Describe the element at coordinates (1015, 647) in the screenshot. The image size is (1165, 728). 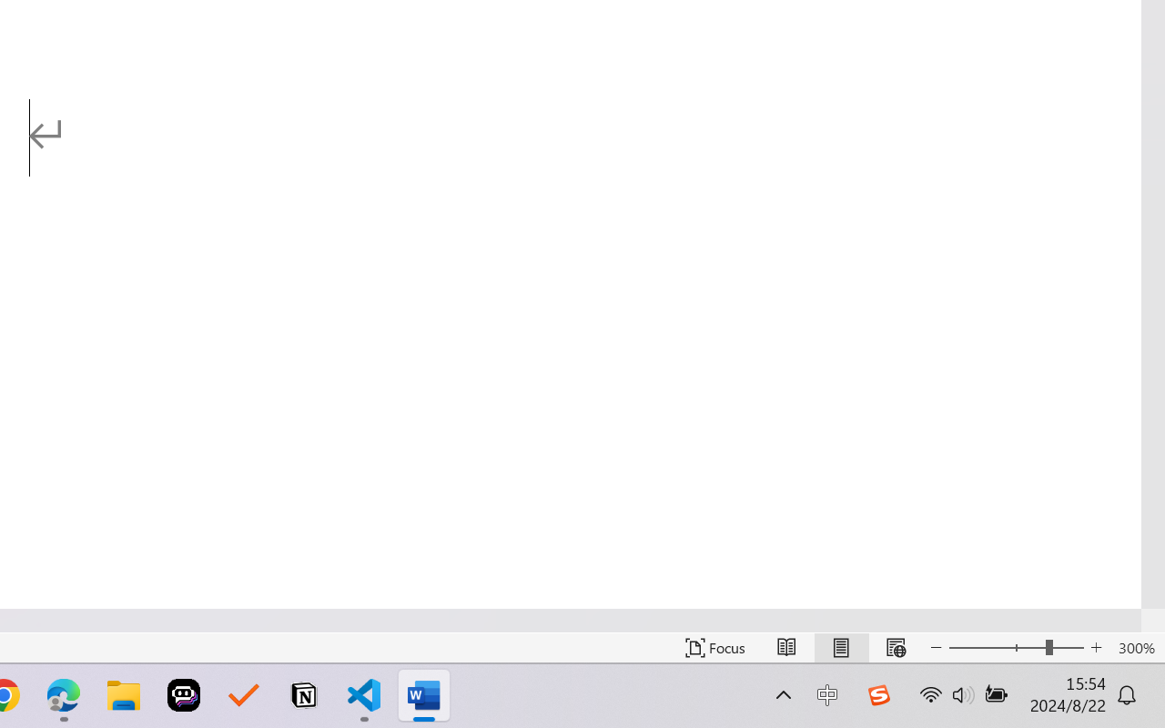
I see `'Zoom'` at that location.